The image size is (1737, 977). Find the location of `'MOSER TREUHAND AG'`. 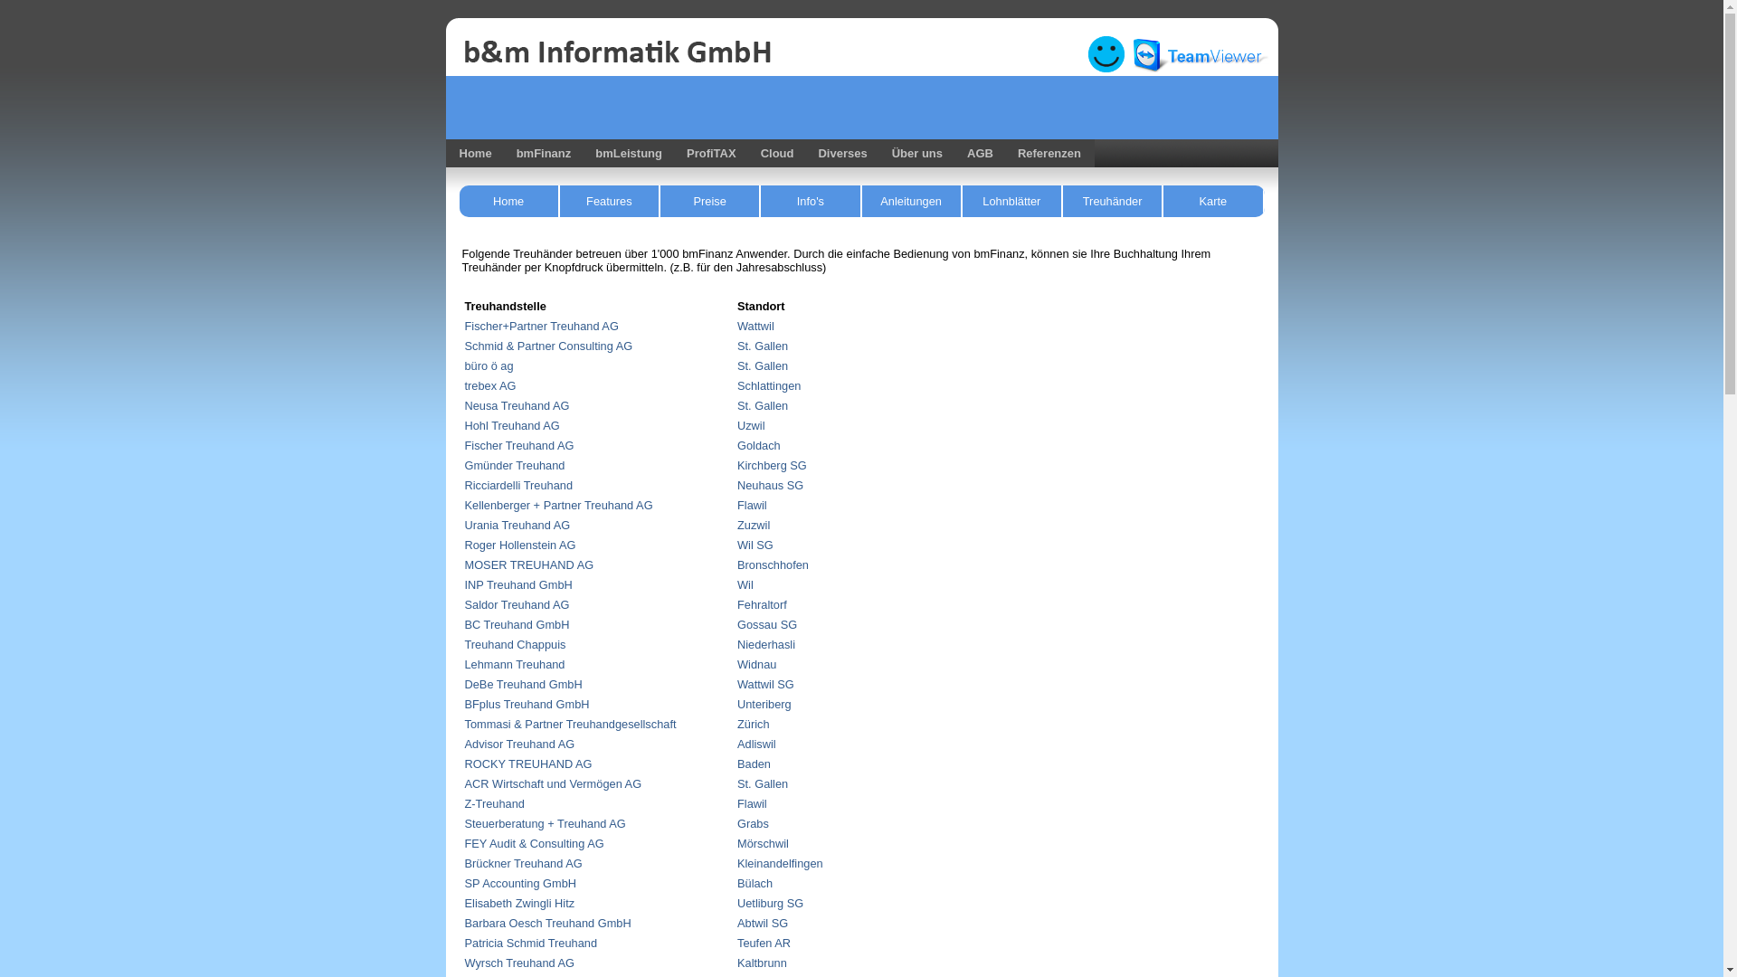

'MOSER TREUHAND AG' is located at coordinates (464, 564).